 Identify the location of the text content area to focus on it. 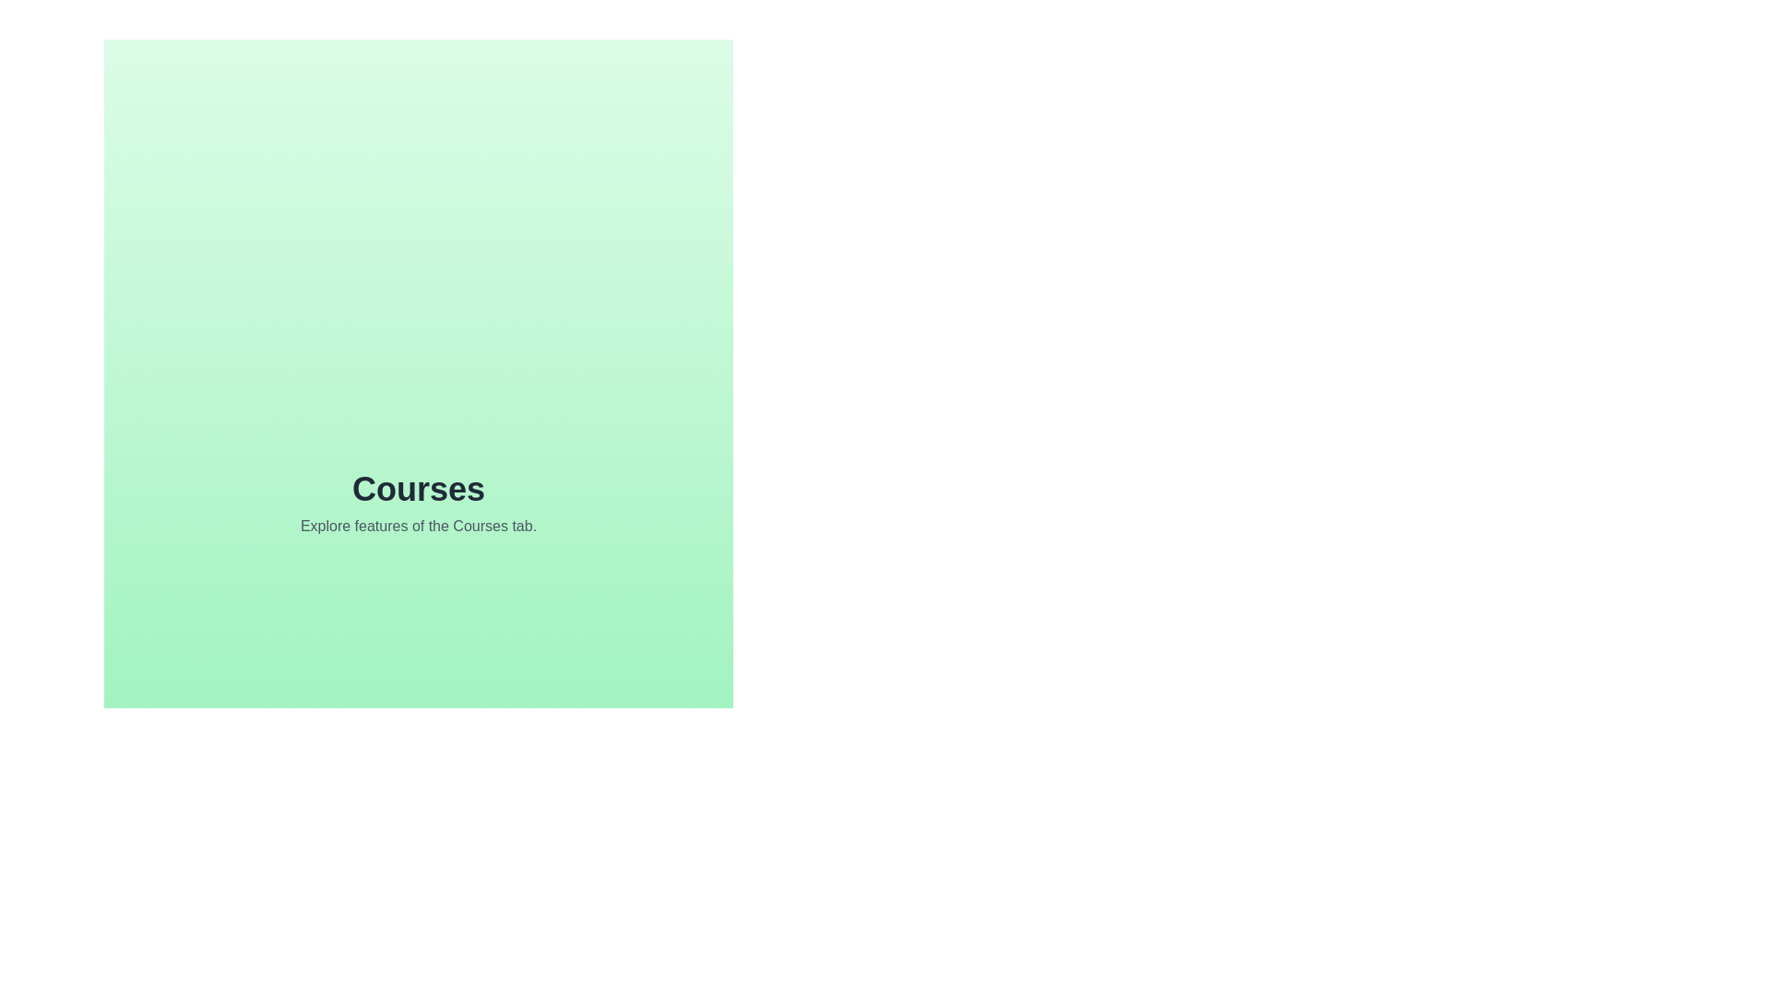
(418, 504).